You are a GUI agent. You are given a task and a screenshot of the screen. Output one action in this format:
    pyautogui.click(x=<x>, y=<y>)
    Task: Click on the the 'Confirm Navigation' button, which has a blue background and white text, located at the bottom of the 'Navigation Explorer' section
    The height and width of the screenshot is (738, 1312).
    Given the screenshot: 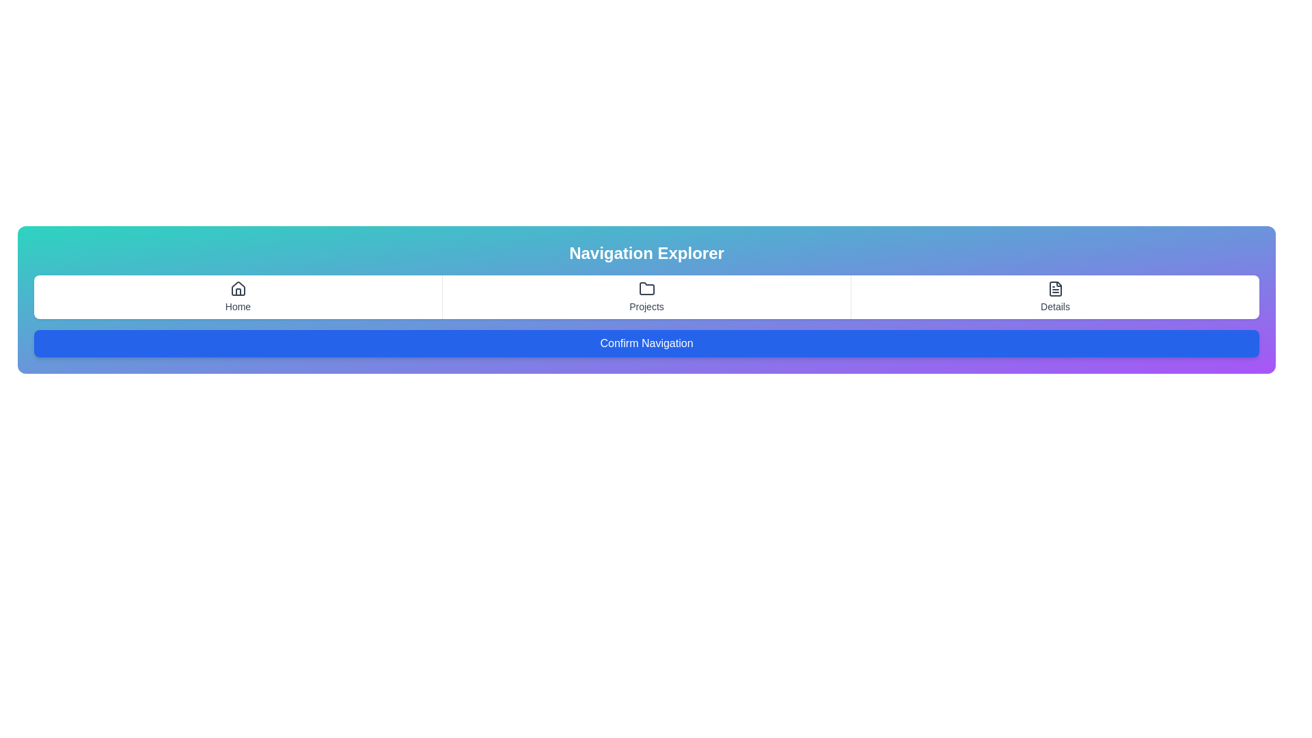 What is the action you would take?
    pyautogui.click(x=646, y=342)
    